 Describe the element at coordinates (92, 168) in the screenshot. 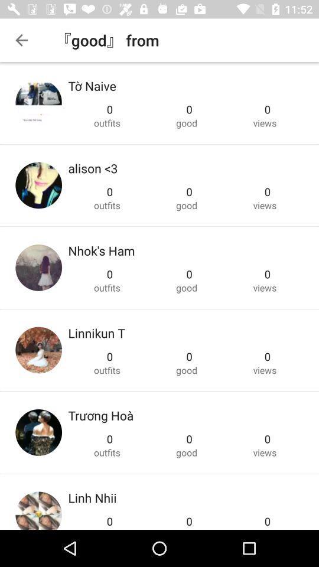

I see `the icon above the   0 icon` at that location.